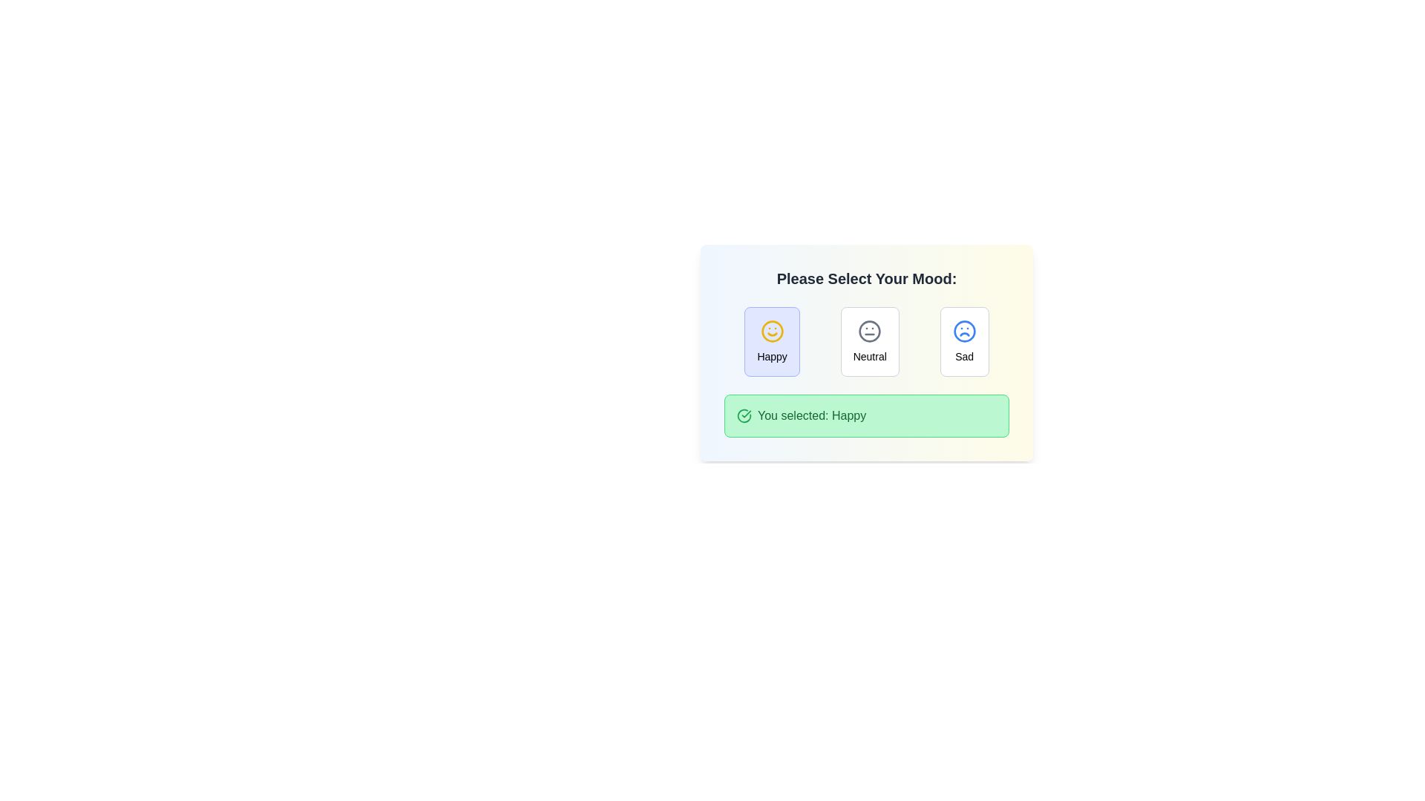 This screenshot has width=1425, height=801. What do you see at coordinates (744, 415) in the screenshot?
I see `the left circular arc of the SVG icon with a green outline, which is part of a checkmark inside a circle, located in the bottom-left corner of the interface` at bounding box center [744, 415].